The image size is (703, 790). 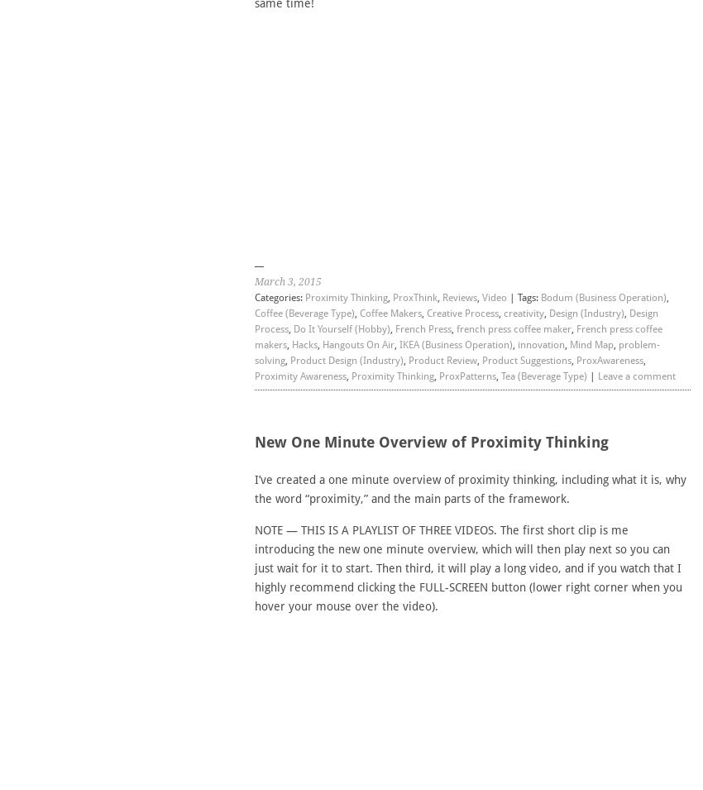 I want to click on 'french press coffee maker', so click(x=512, y=328).